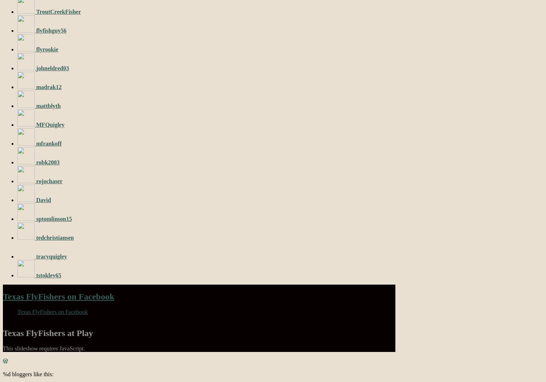  What do you see at coordinates (43, 200) in the screenshot?
I see `'David'` at bounding box center [43, 200].